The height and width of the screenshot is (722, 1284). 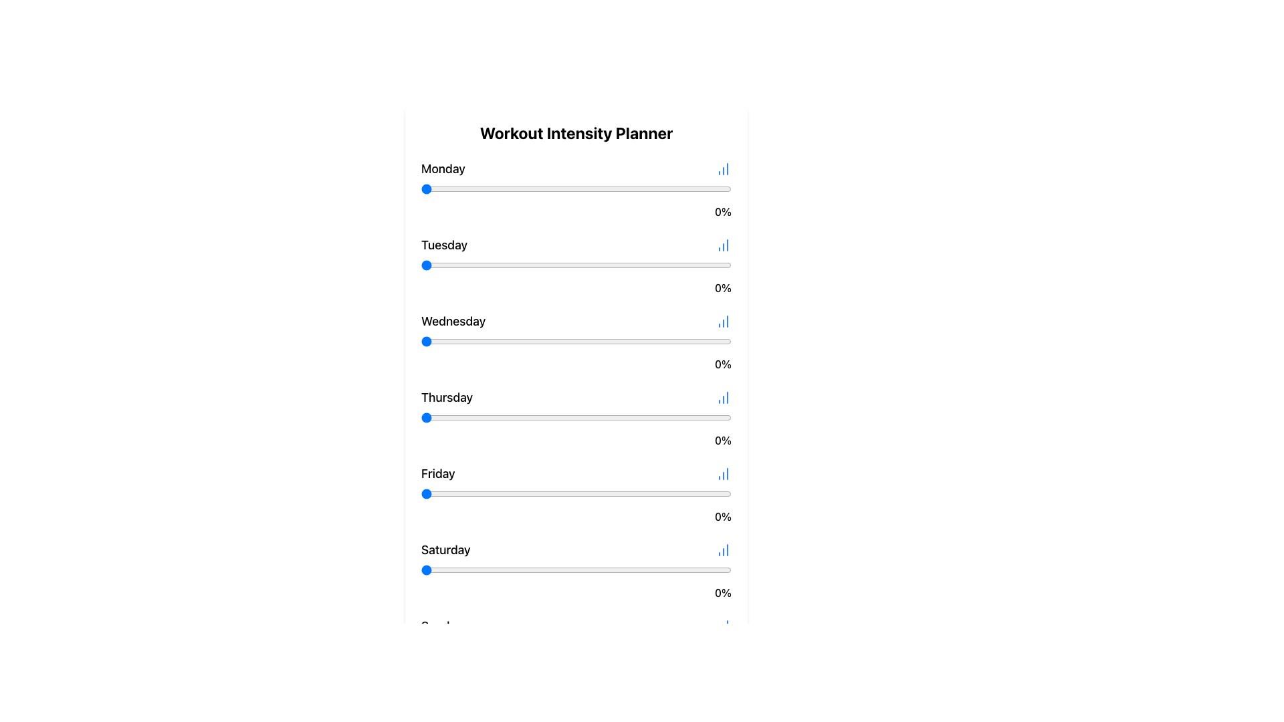 What do you see at coordinates (666, 265) in the screenshot?
I see `the intensity for Tuesday` at bounding box center [666, 265].